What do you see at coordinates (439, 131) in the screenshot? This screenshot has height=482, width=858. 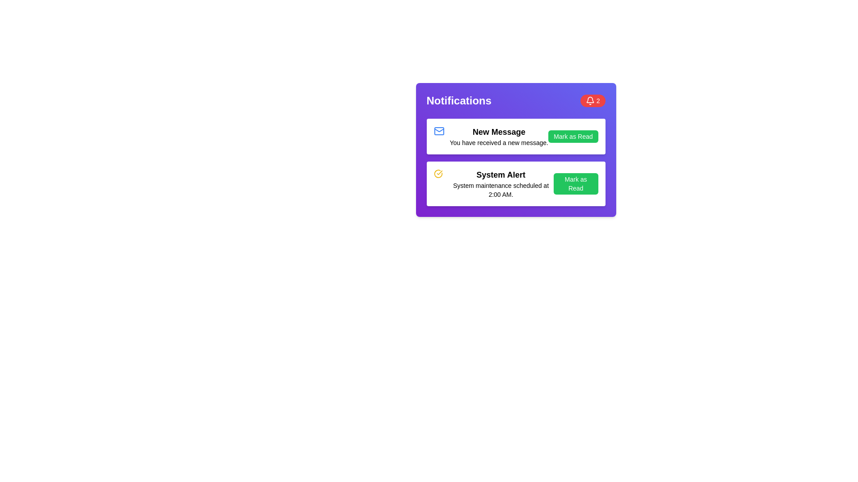 I see `the rounded rectangle SVG shape representing the mail notification icon` at bounding box center [439, 131].